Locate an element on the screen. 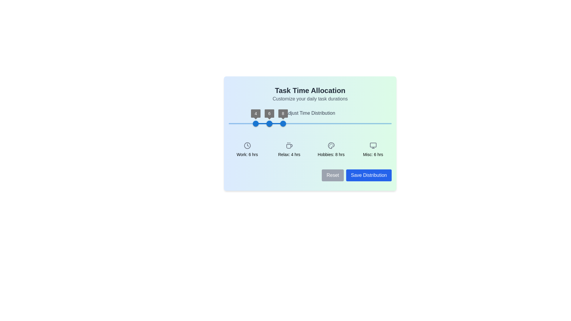 Image resolution: width=571 pixels, height=321 pixels. the 'Relax' icon in the task distribution panel, which is centered above the text 'Relax: 4 hrs' is located at coordinates (289, 145).